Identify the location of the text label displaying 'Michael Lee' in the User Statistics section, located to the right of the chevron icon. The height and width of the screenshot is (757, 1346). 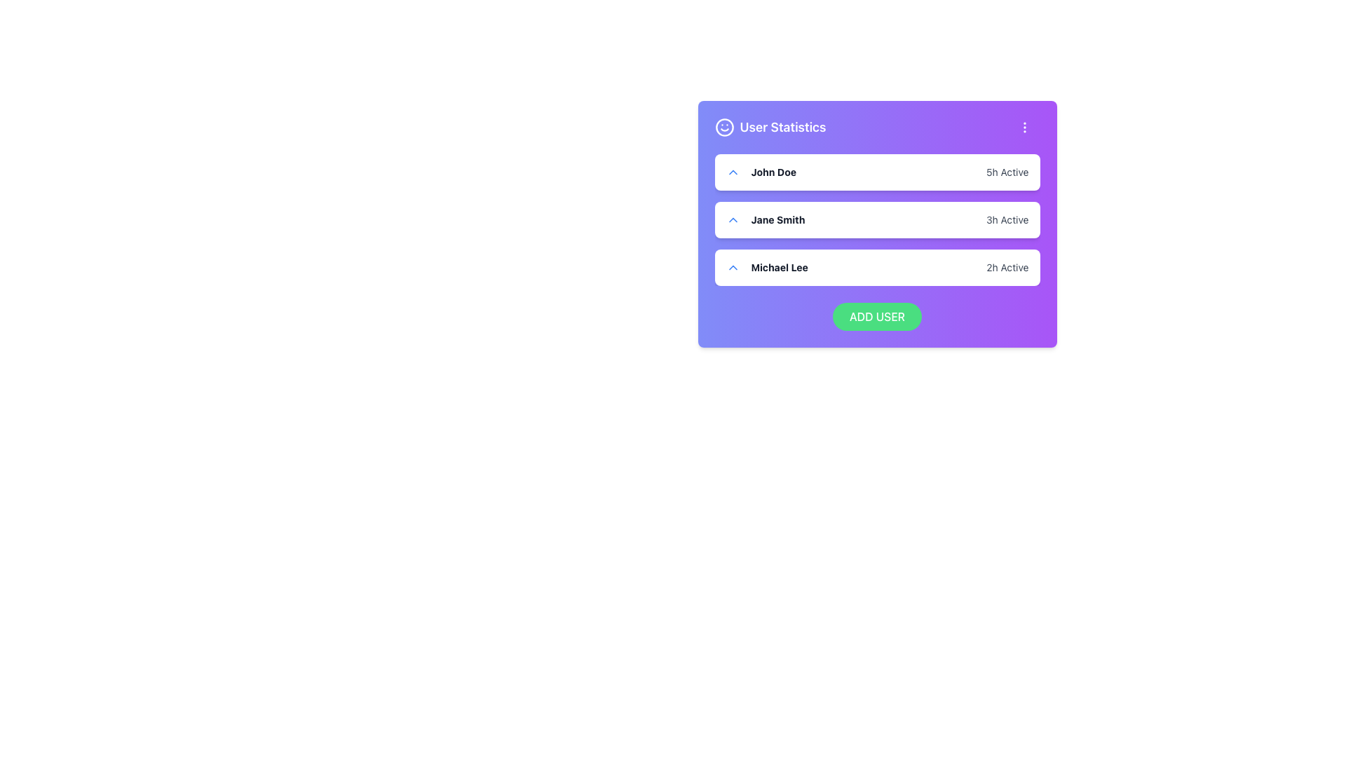
(779, 267).